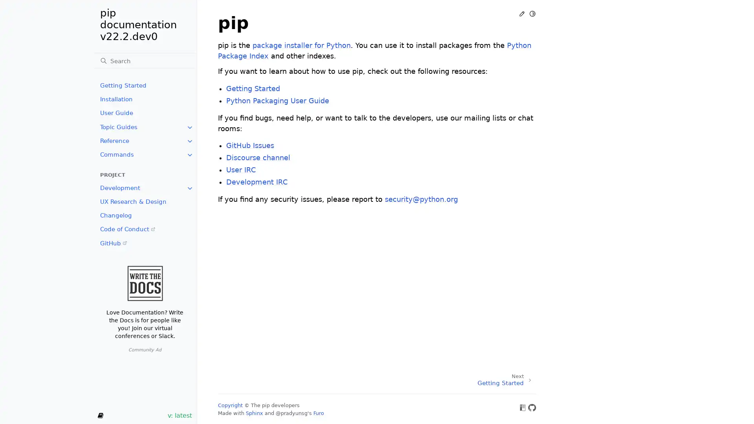  Describe the element at coordinates (532, 13) in the screenshot. I see `Toggle Light / Dark / Auto color theme` at that location.